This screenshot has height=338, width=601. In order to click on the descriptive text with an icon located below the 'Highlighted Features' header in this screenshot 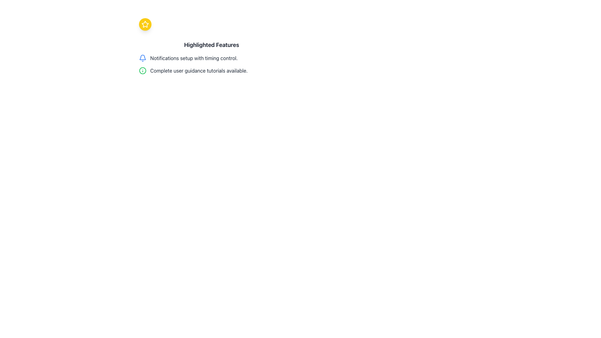, I will do `click(212, 58)`.